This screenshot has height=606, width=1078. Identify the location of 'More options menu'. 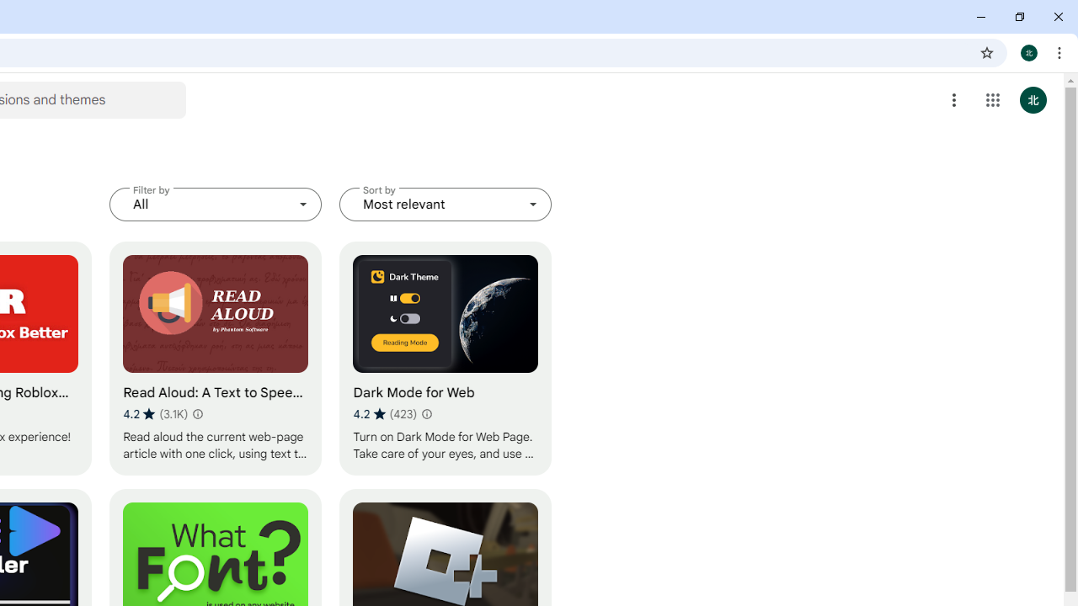
(954, 100).